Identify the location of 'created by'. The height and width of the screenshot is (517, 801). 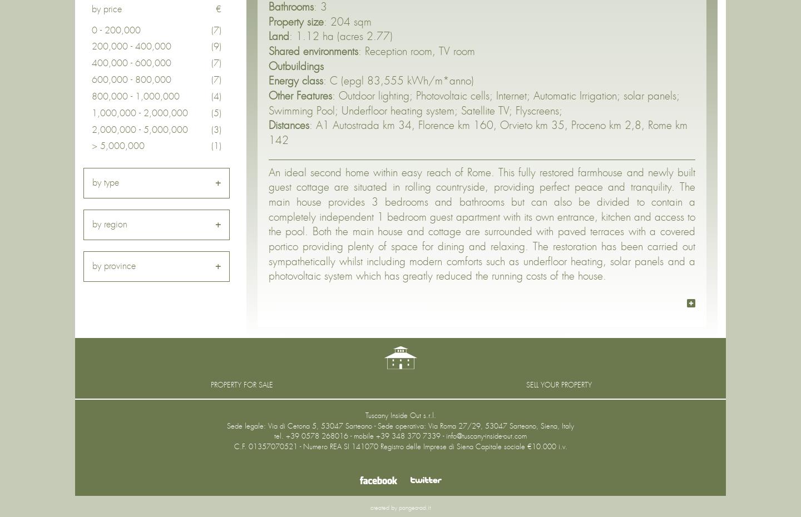
(370, 508).